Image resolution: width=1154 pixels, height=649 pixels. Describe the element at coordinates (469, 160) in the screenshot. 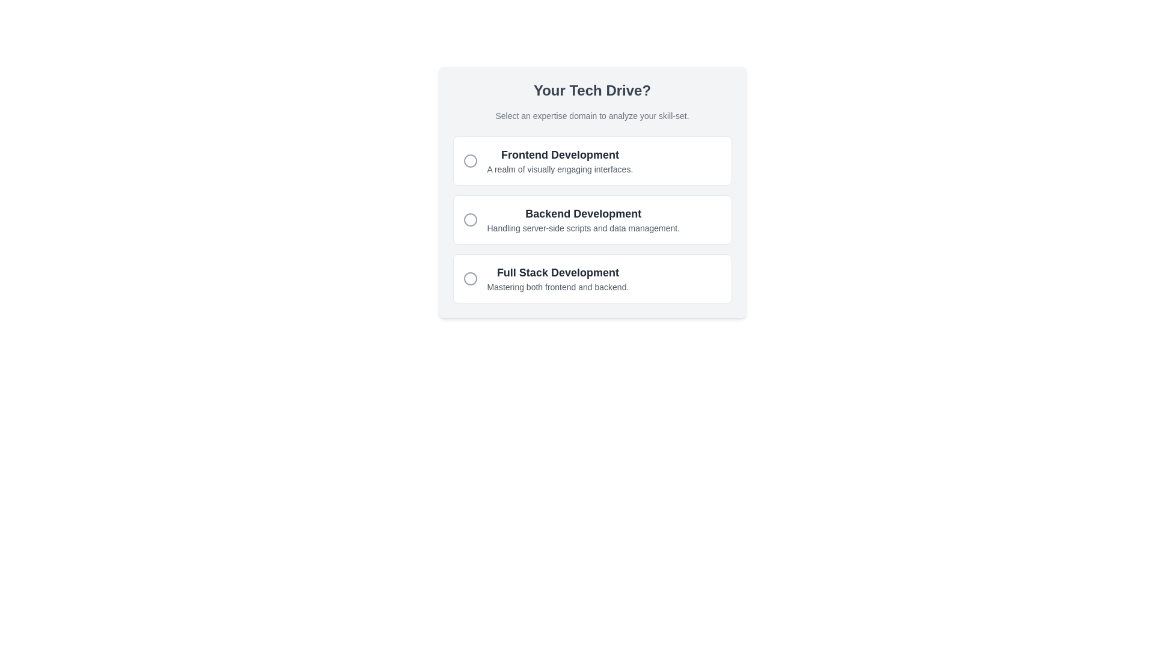

I see `the unselected radio button-like marker indicating the 'Frontend Development' option, which is located centrally to the left of the option's text` at that location.